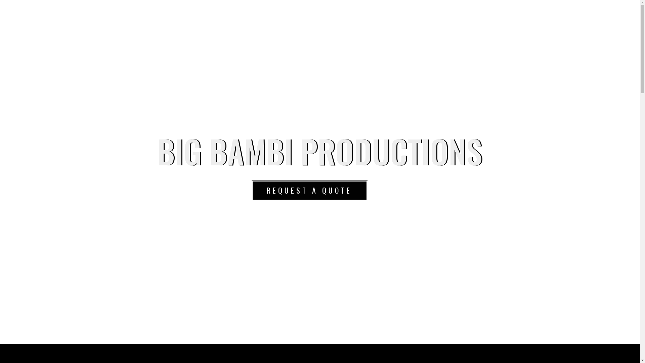 The width and height of the screenshot is (645, 363). Describe the element at coordinates (309, 190) in the screenshot. I see `'REQUEST A QUOTE'` at that location.